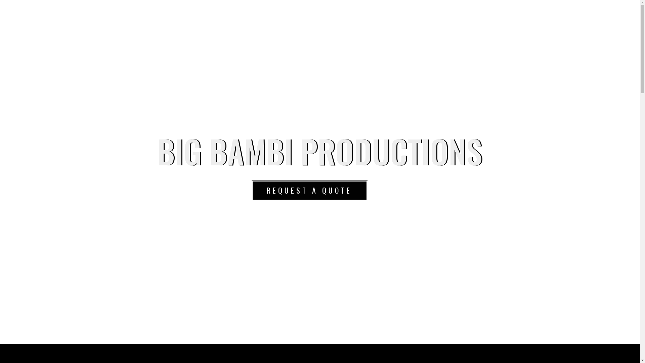 The width and height of the screenshot is (645, 363). Describe the element at coordinates (309, 190) in the screenshot. I see `'REQUEST A QUOTE'` at that location.